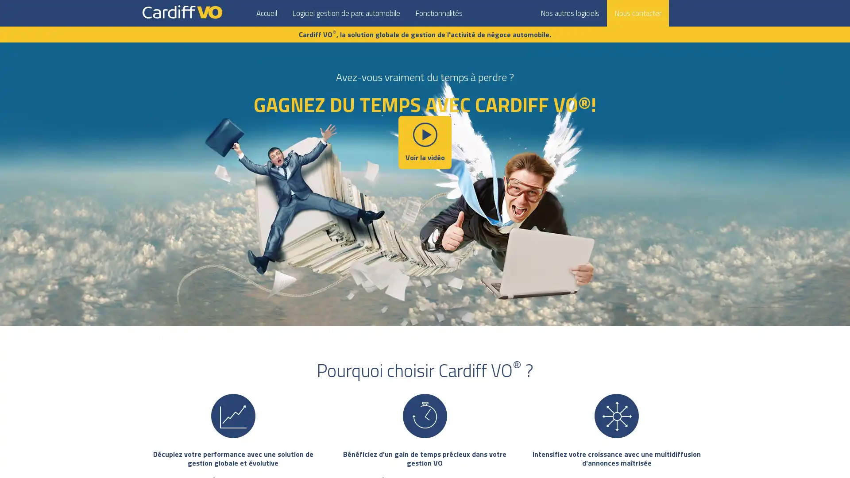  I want to click on Voir la video, so click(425, 141).